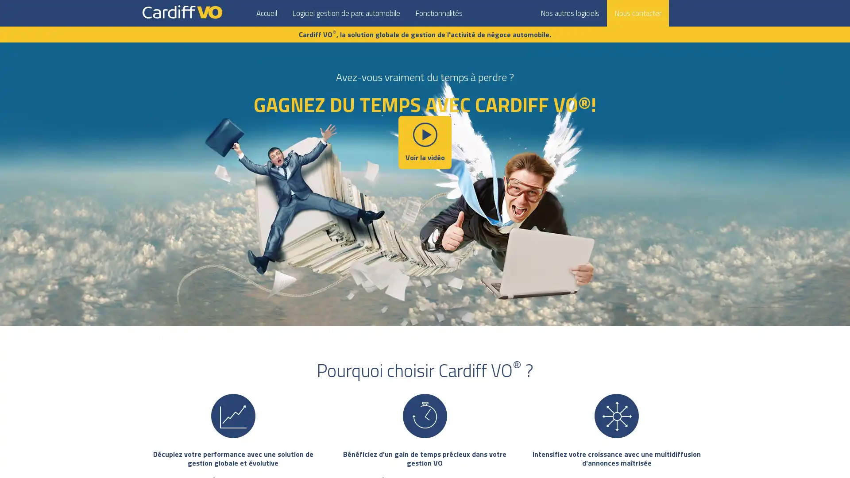  I want to click on Voir la video, so click(425, 141).